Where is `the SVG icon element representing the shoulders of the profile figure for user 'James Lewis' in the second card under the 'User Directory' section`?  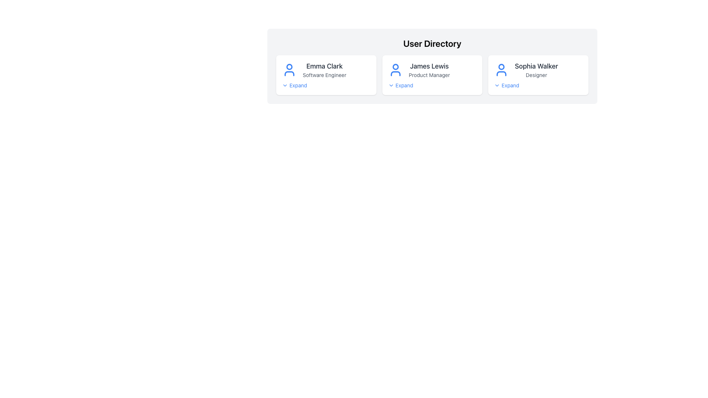
the SVG icon element representing the shoulders of the profile figure for user 'James Lewis' in the second card under the 'User Directory' section is located at coordinates (395, 74).